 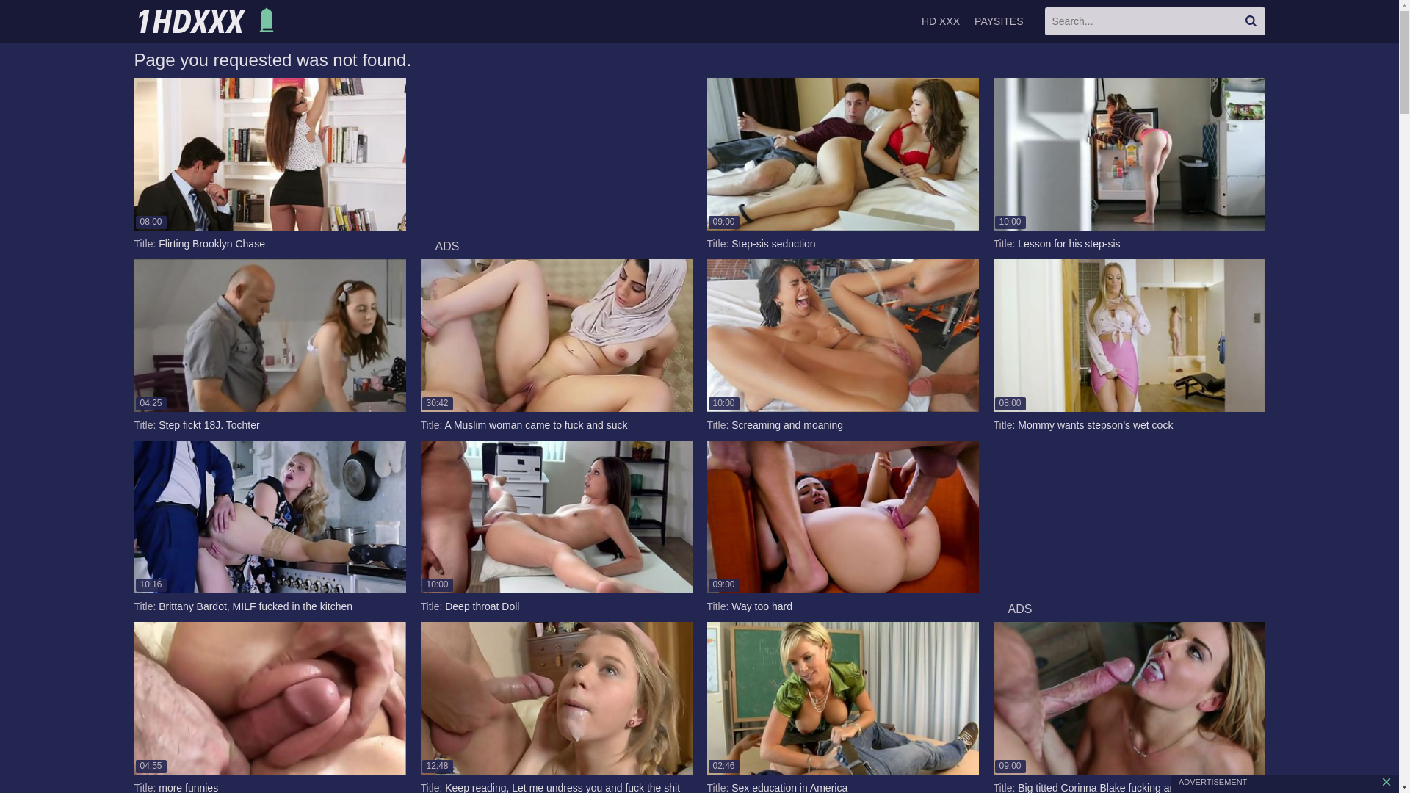 I want to click on 'HD XXX', so click(x=206, y=21).